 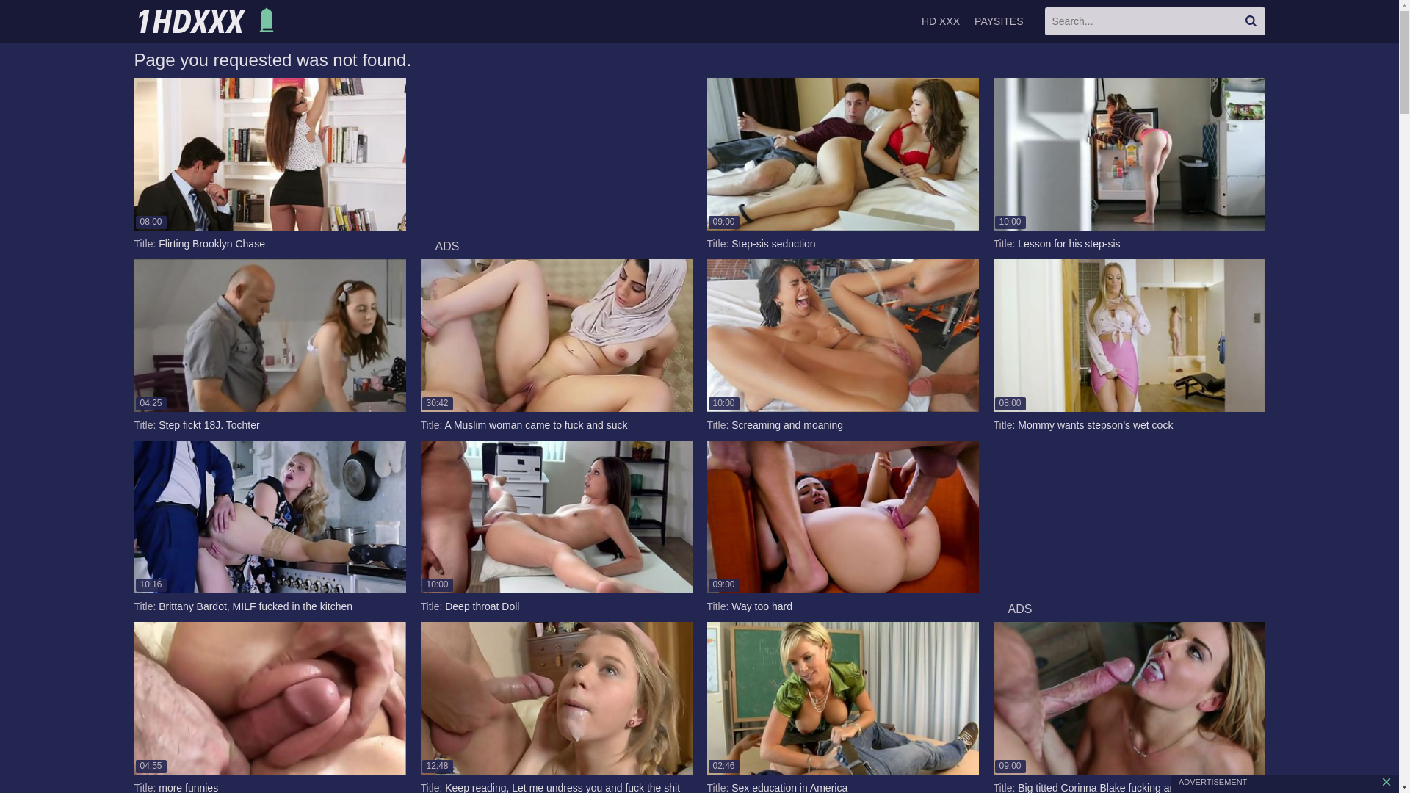 I want to click on 'HD XXX', so click(x=206, y=21).